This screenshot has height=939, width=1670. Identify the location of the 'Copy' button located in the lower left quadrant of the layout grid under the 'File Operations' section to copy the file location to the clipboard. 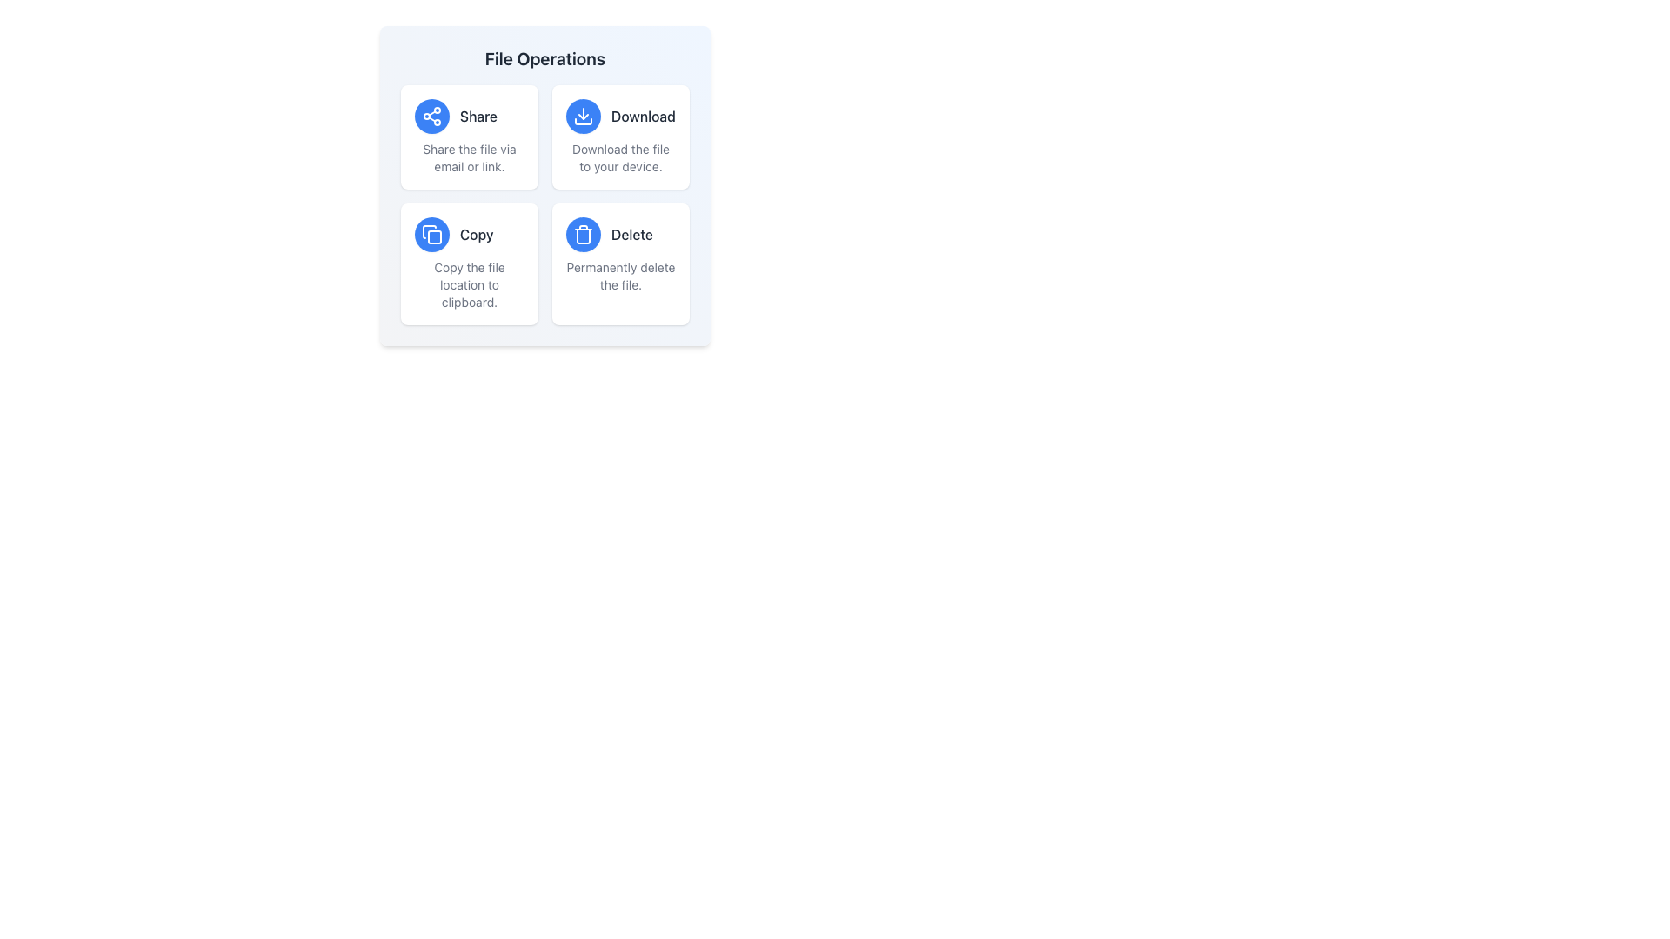
(469, 235).